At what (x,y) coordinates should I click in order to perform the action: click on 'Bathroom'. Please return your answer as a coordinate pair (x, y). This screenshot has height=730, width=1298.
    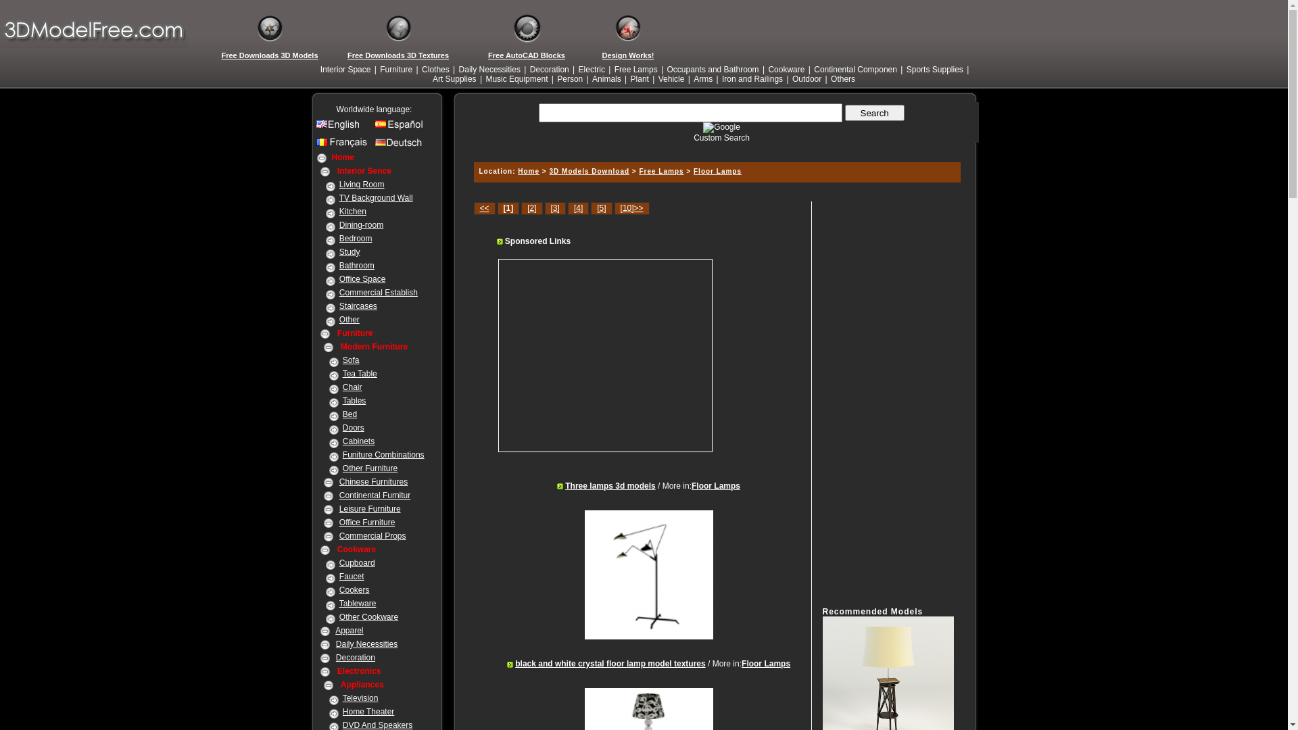
    Looking at the image, I should click on (357, 266).